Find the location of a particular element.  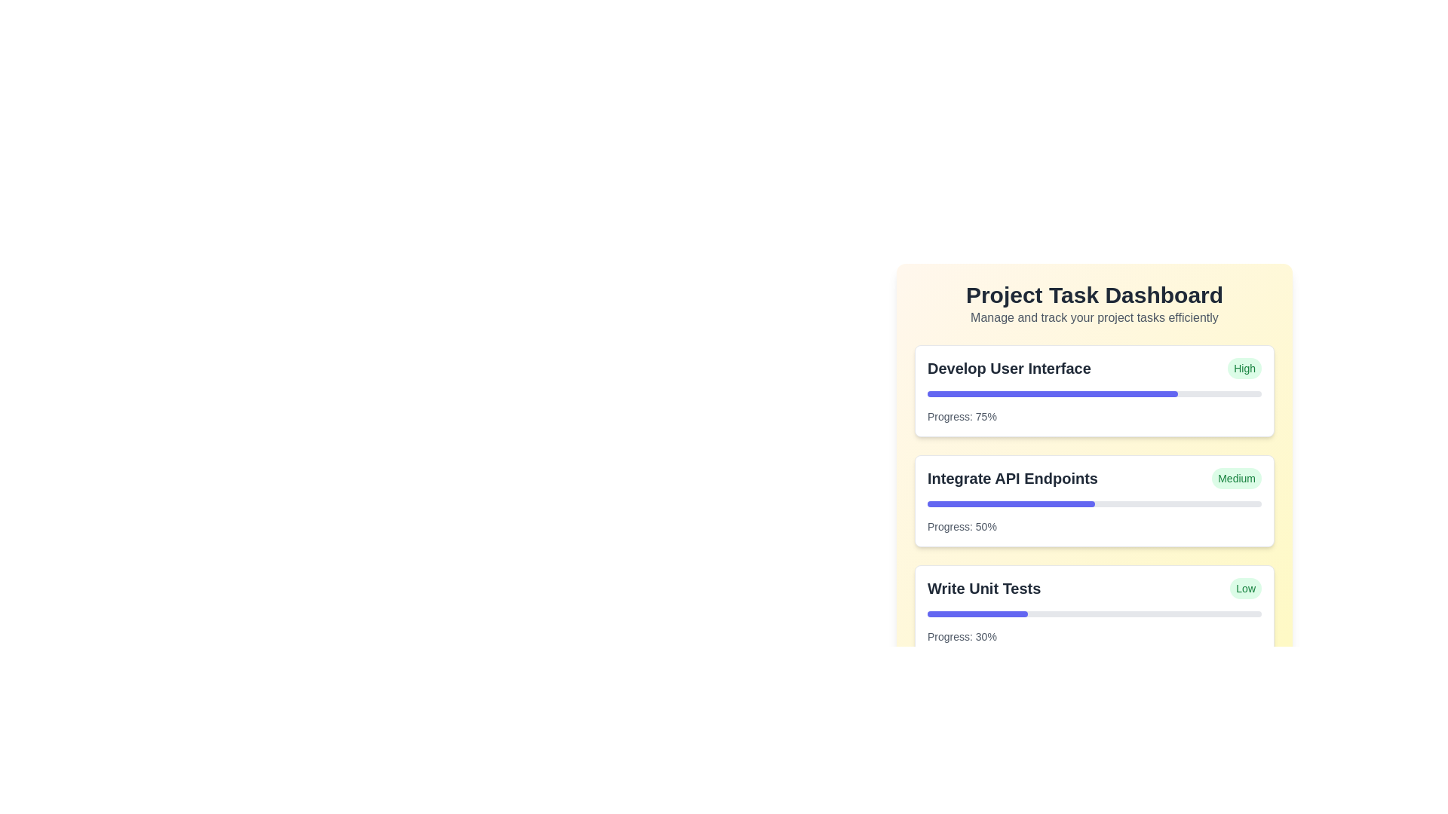

status label indicating the priority level for the 'Write Unit Tests' task, located on the far right of the row with the text 'Write Unit Tests' is located at coordinates (1246, 587).